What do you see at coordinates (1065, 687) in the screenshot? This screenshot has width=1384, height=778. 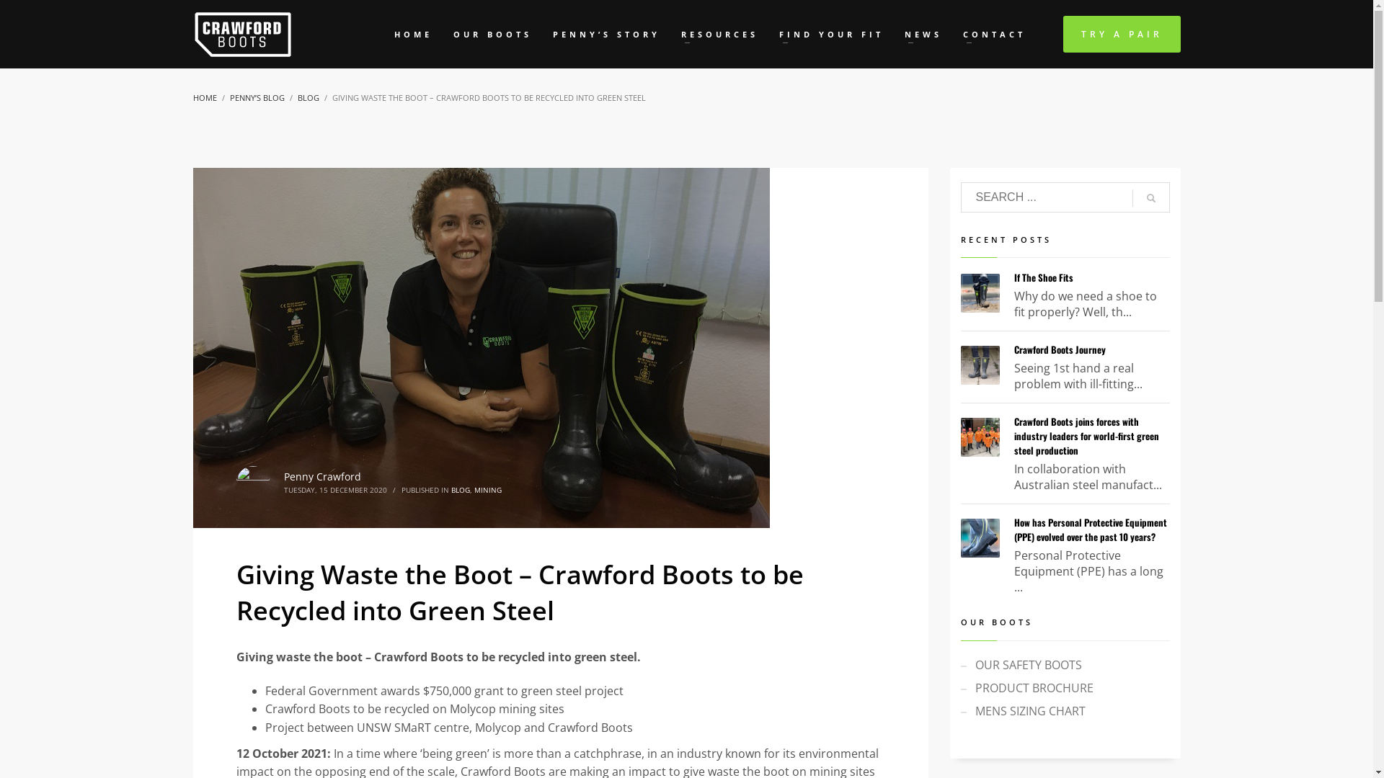 I see `'PRODUCT BROCHURE'` at bounding box center [1065, 687].